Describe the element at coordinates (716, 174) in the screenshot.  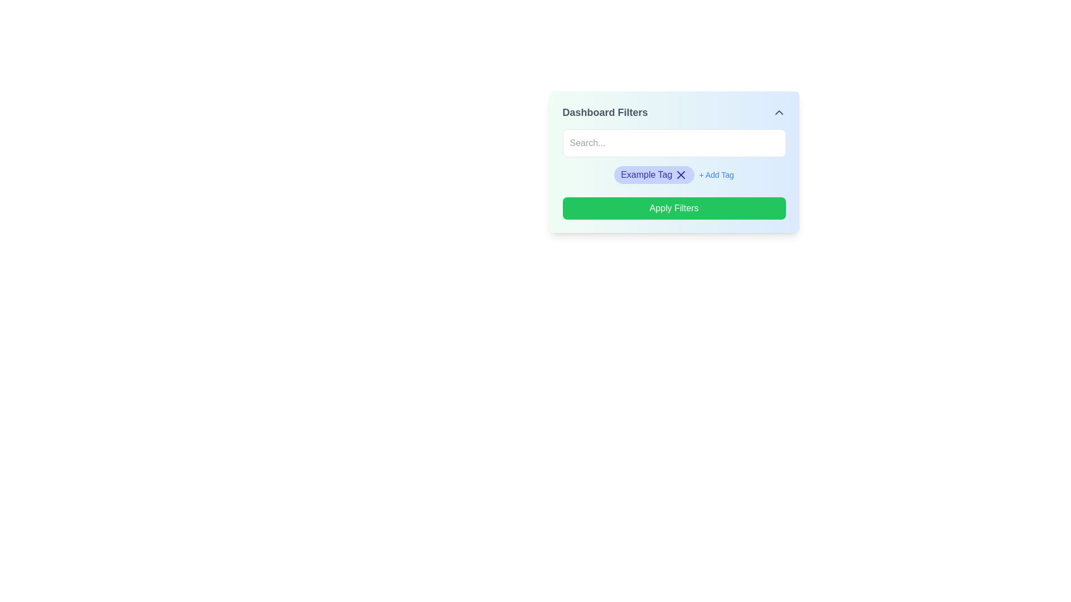
I see `the '+ Add Tag' clickable text link, which is styled in small blue font with an underline on hover, located in the lower section of the 'Dashboard Filters' dialog box` at that location.